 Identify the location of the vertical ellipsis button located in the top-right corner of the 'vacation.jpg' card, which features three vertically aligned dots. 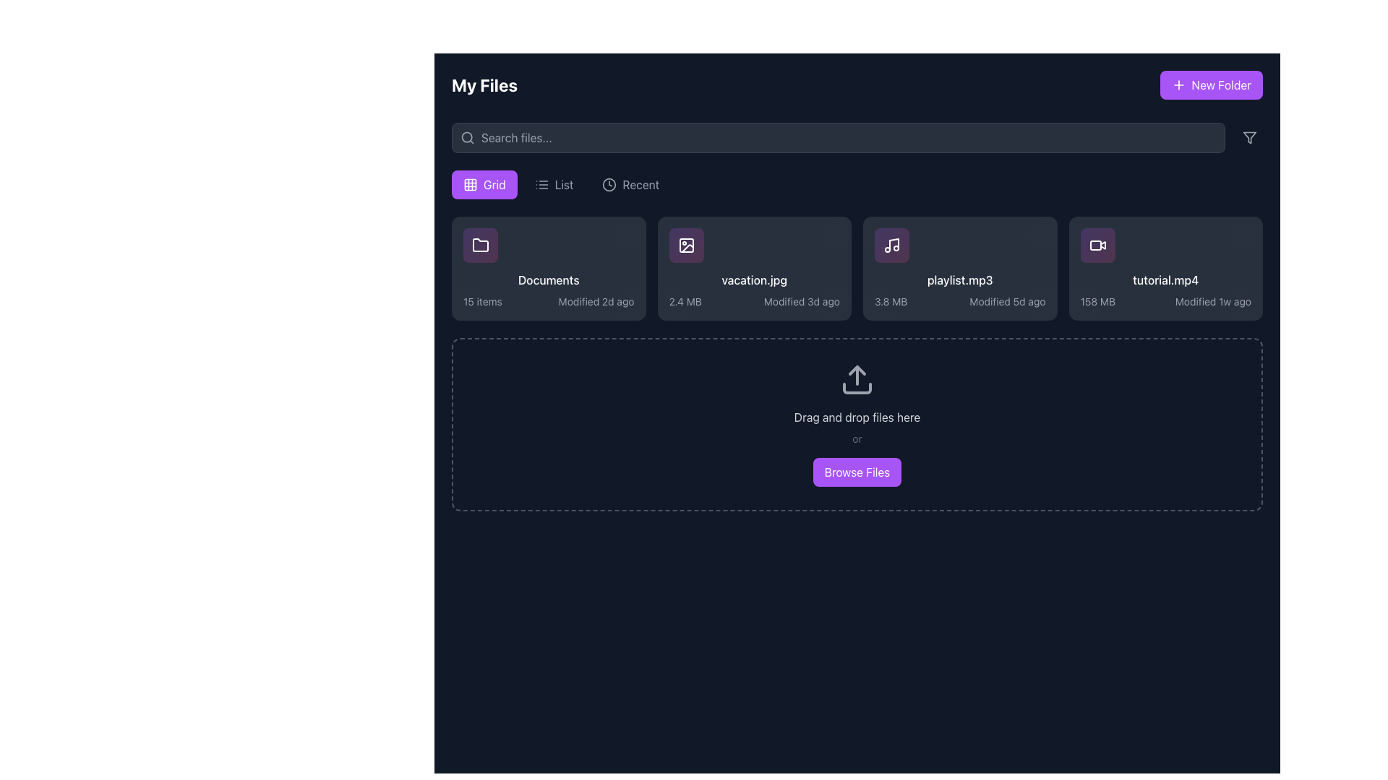
(833, 244).